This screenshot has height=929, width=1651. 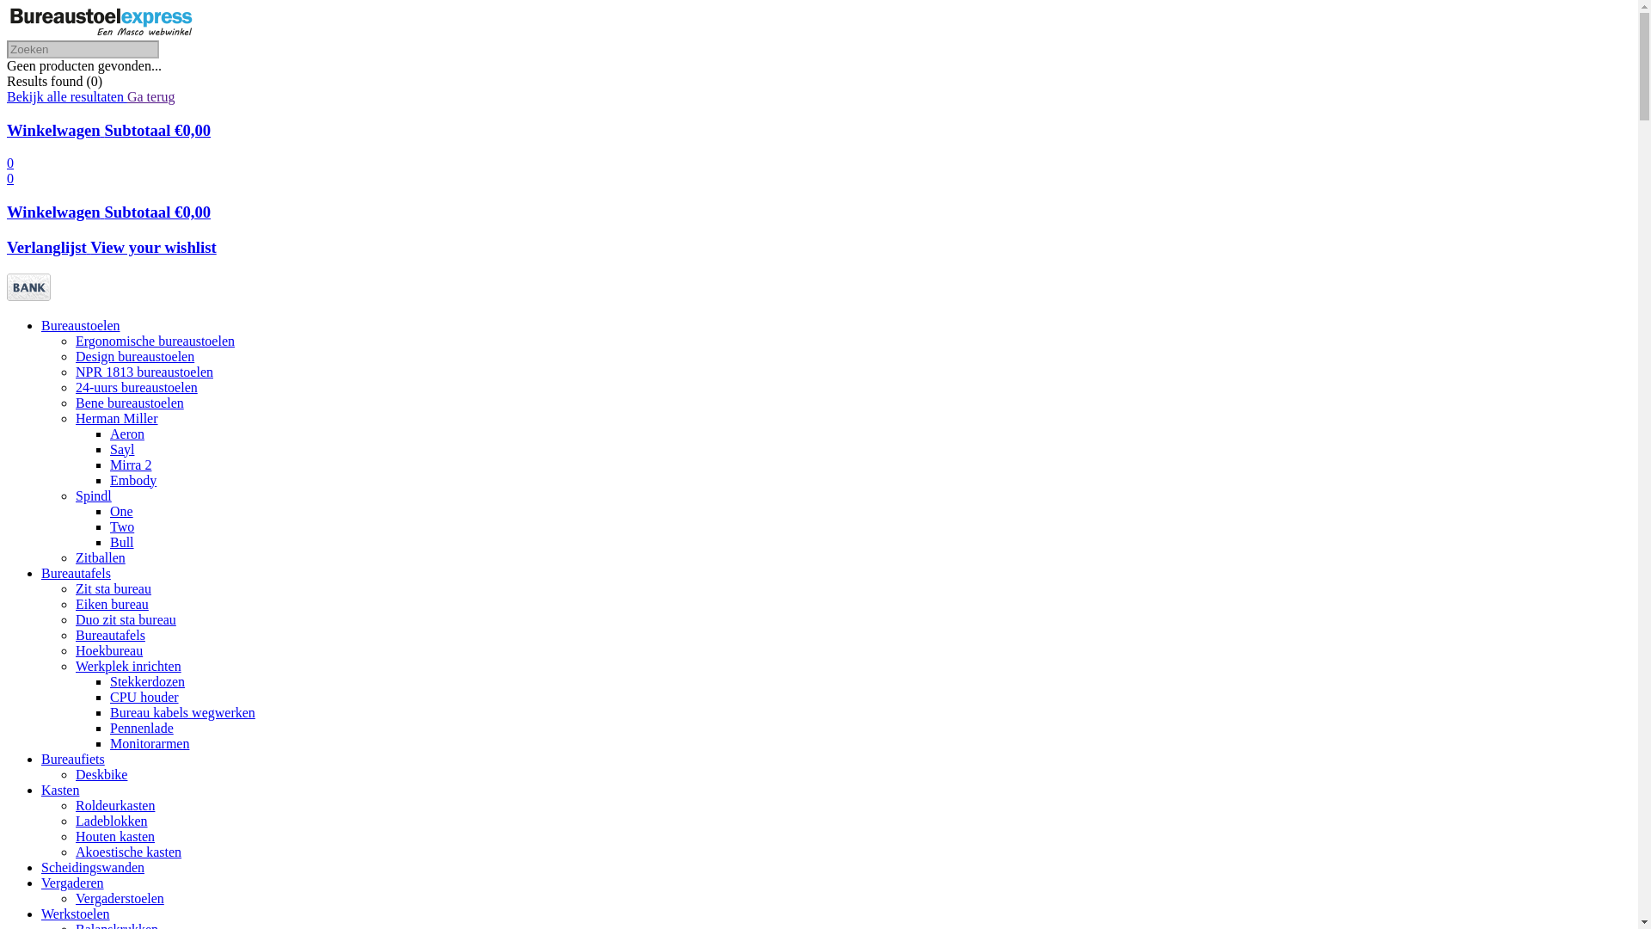 What do you see at coordinates (144, 371) in the screenshot?
I see `'NPR 1813 bureaustoelen'` at bounding box center [144, 371].